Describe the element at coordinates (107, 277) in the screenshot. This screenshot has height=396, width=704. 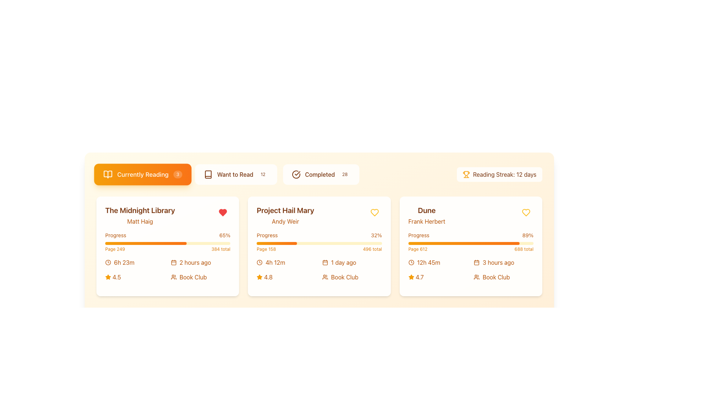
I see `the rating or favorite star icon located at the bottom part of 'The Midnight Library' card` at that location.